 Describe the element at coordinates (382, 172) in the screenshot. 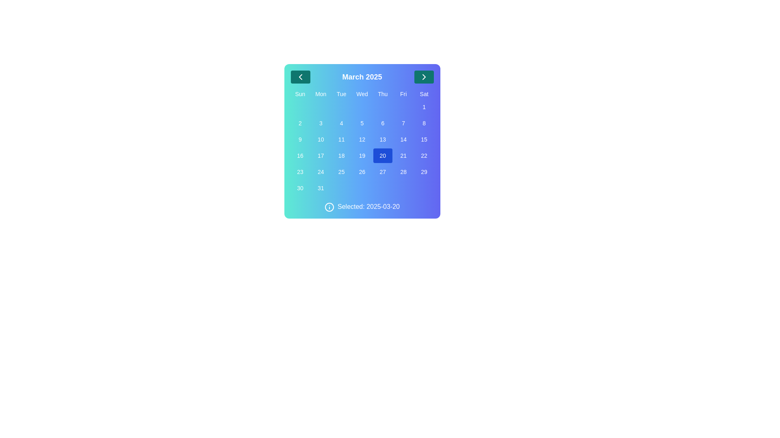

I see `the button representing the 27th day of the month in the calendar and focus on it using the keyboard` at that location.